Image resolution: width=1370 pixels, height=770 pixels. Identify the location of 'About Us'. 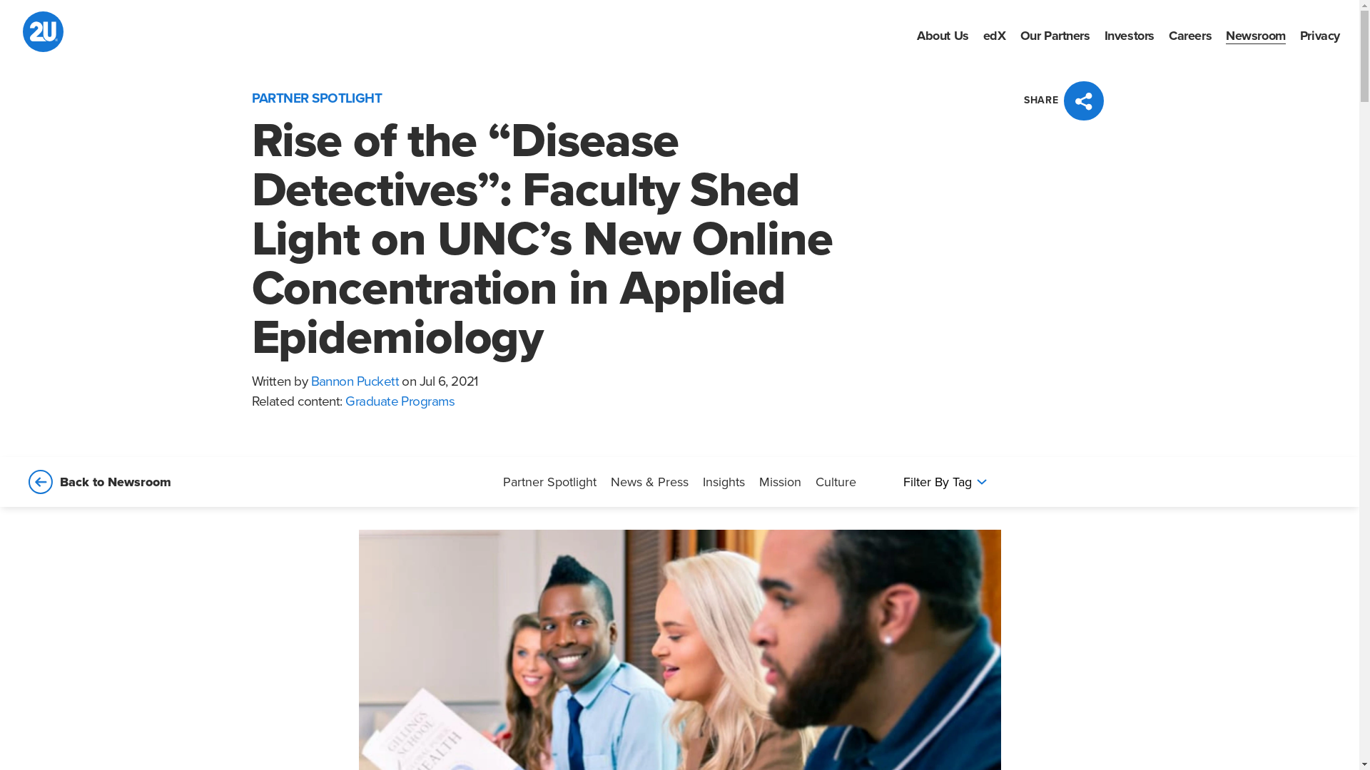
(943, 34).